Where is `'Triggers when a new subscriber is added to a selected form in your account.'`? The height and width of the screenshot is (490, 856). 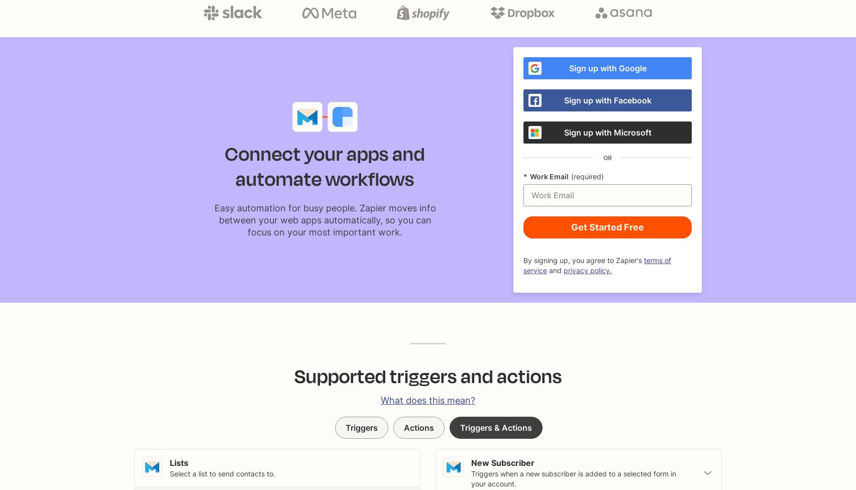 'Triggers when a new subscriber is added to a selected form in your account.' is located at coordinates (471, 478).